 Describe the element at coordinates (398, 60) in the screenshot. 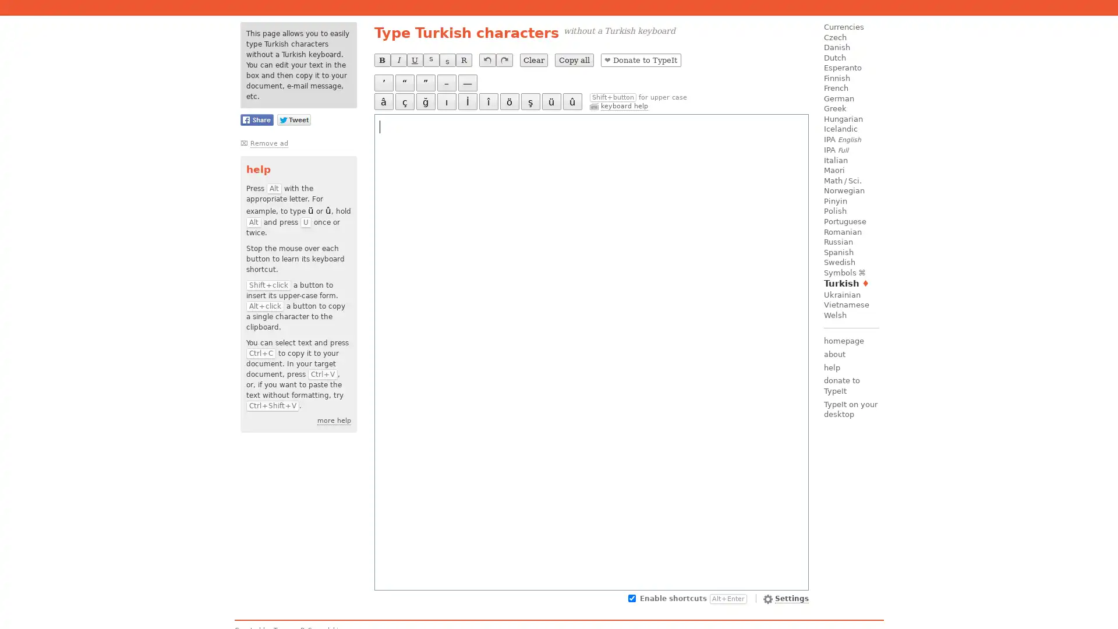

I see `I` at that location.